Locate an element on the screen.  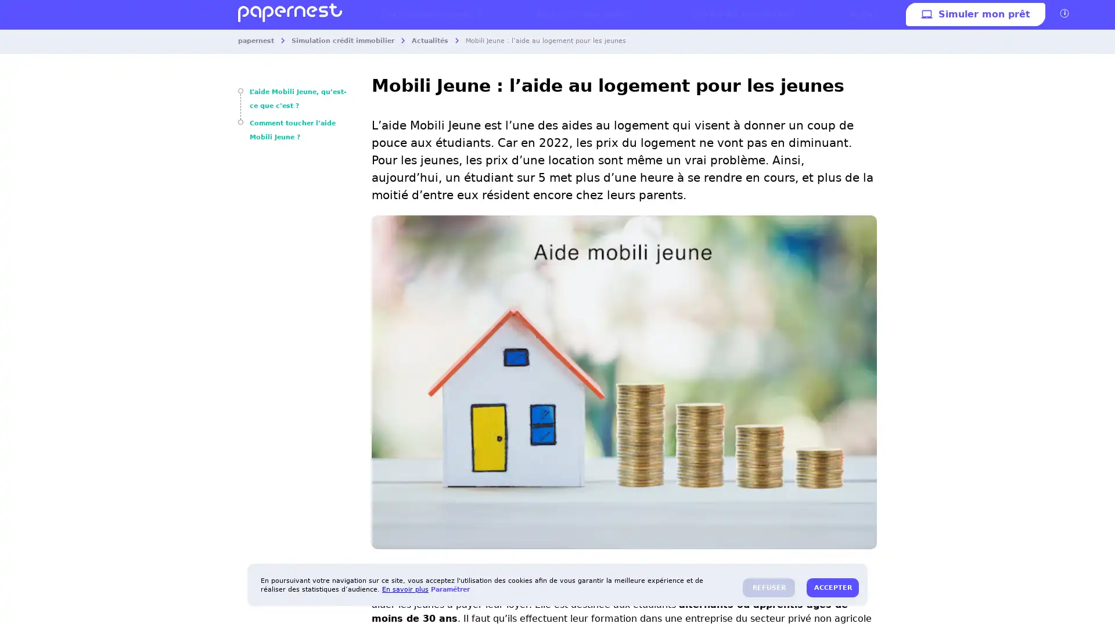
REFUSER is located at coordinates (769, 588).